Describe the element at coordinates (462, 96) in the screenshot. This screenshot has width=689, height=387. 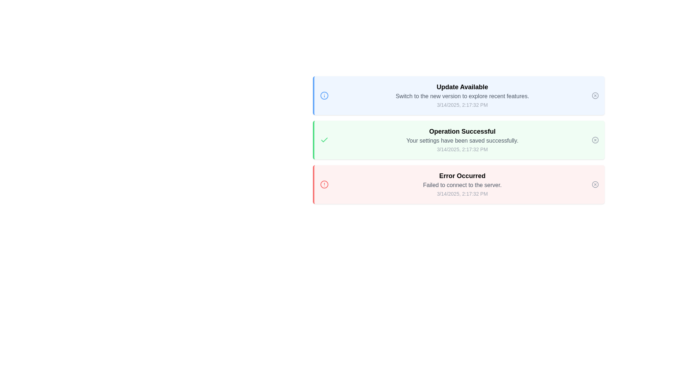
I see `text block containing the message 'Switch to the new version to explore recent features.' located below the title 'Update Available' and above the timestamp` at that location.